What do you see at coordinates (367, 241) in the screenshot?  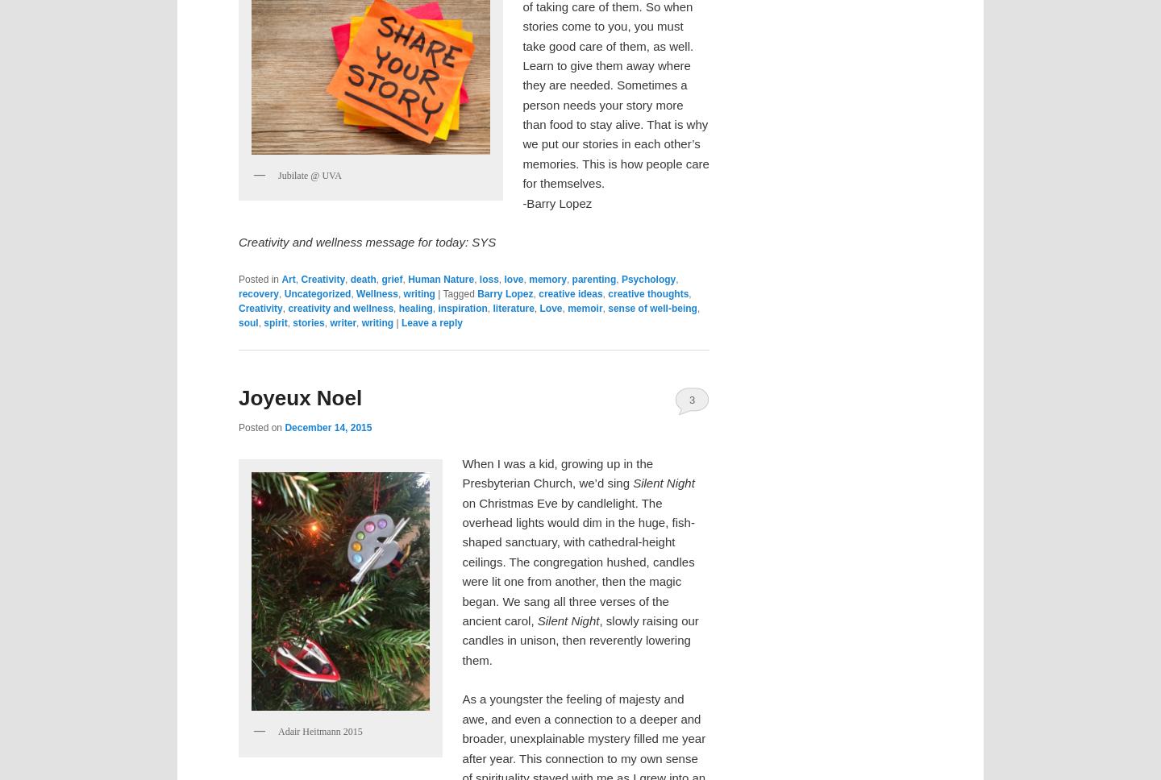 I see `'Creativity and wellness message for today: SYS'` at bounding box center [367, 241].